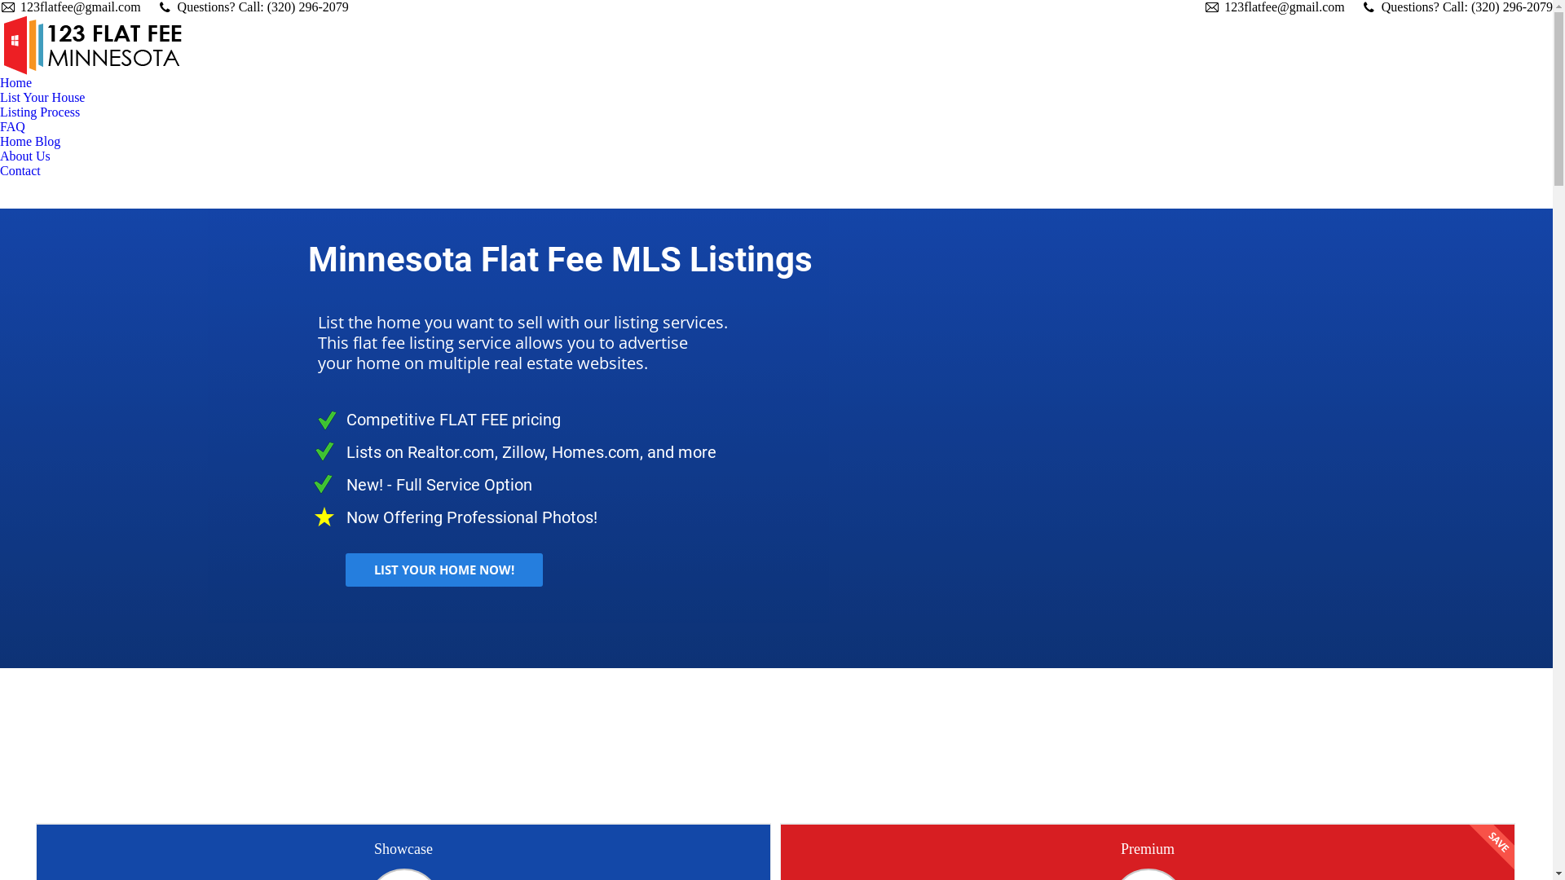 Image resolution: width=1565 pixels, height=880 pixels. Describe the element at coordinates (15, 82) in the screenshot. I see `'Home'` at that location.